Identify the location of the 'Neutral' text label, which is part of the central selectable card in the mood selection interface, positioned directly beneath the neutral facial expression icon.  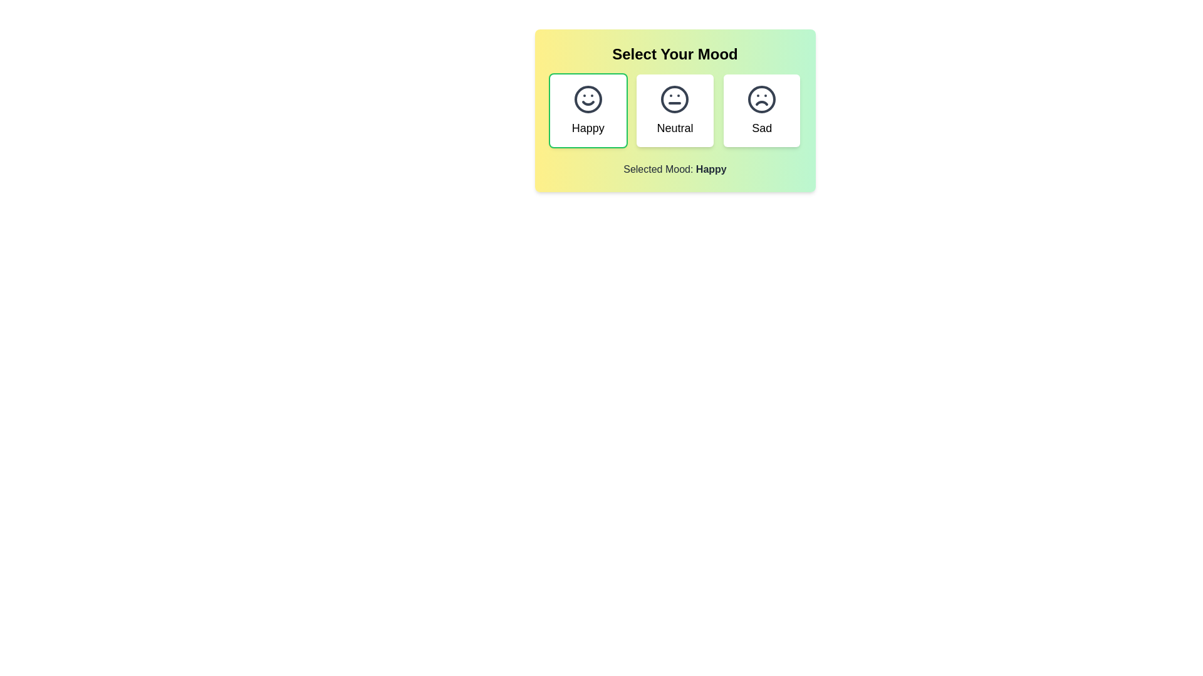
(674, 128).